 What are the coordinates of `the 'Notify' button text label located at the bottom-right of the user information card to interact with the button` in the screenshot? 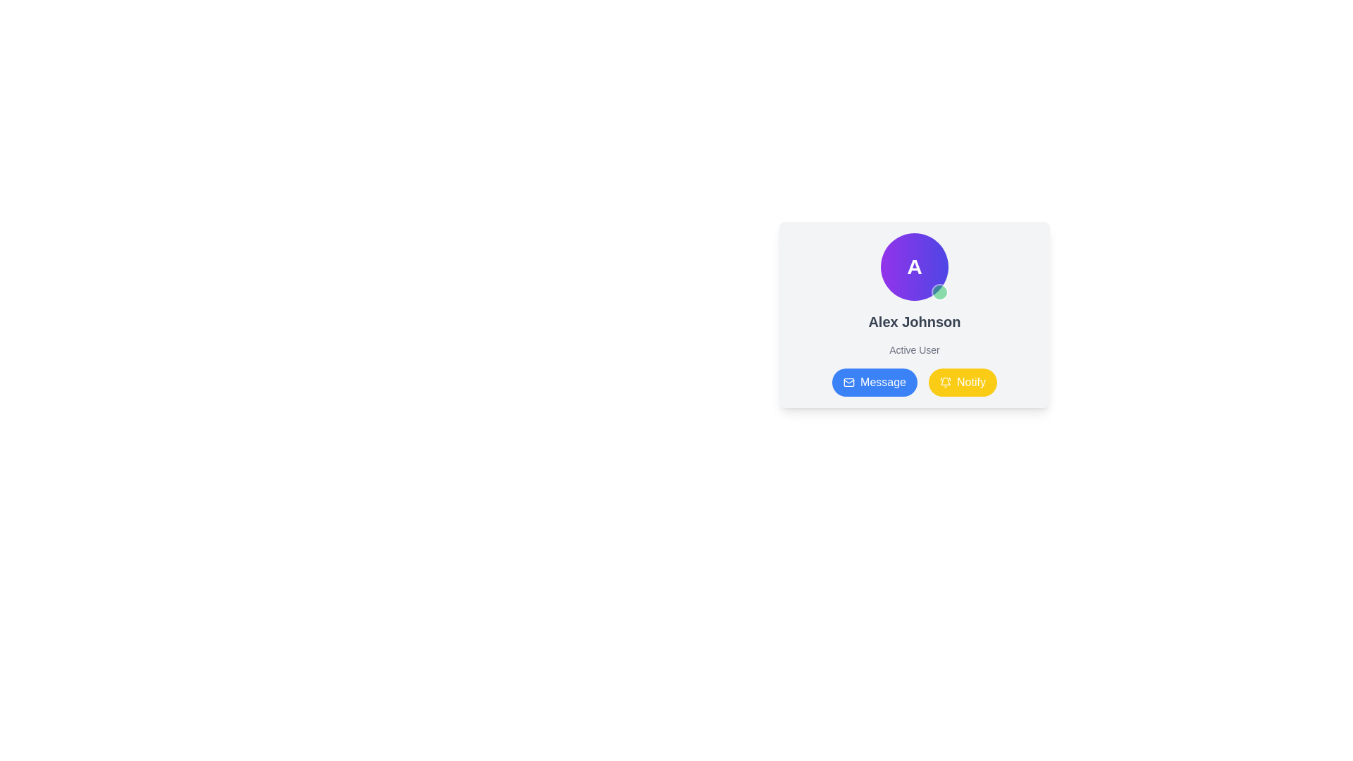 It's located at (970, 383).